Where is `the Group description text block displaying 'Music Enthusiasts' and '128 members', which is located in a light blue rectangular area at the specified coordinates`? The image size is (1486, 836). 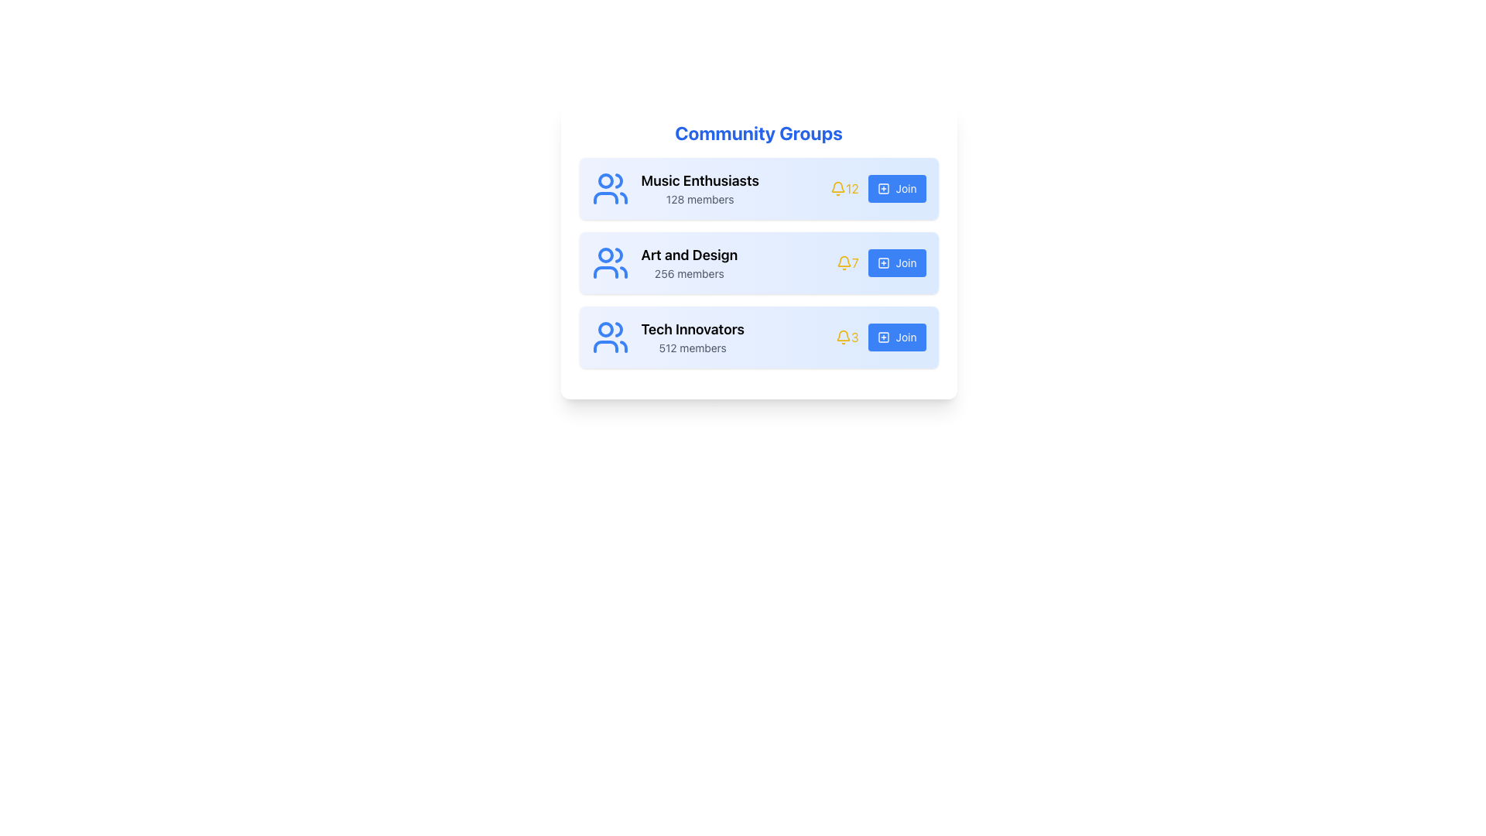
the Group description text block displaying 'Music Enthusiasts' and '128 members', which is located in a light blue rectangular area at the specified coordinates is located at coordinates (699, 187).